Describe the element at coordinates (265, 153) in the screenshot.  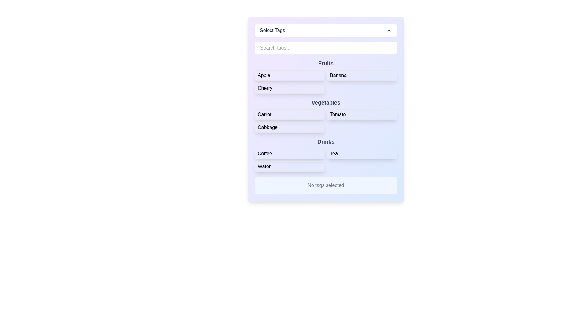
I see `the 'Coffee' text label in the 'Drinks' section, which is the first item in the row alongside 'Tea' and 'Water'` at that location.